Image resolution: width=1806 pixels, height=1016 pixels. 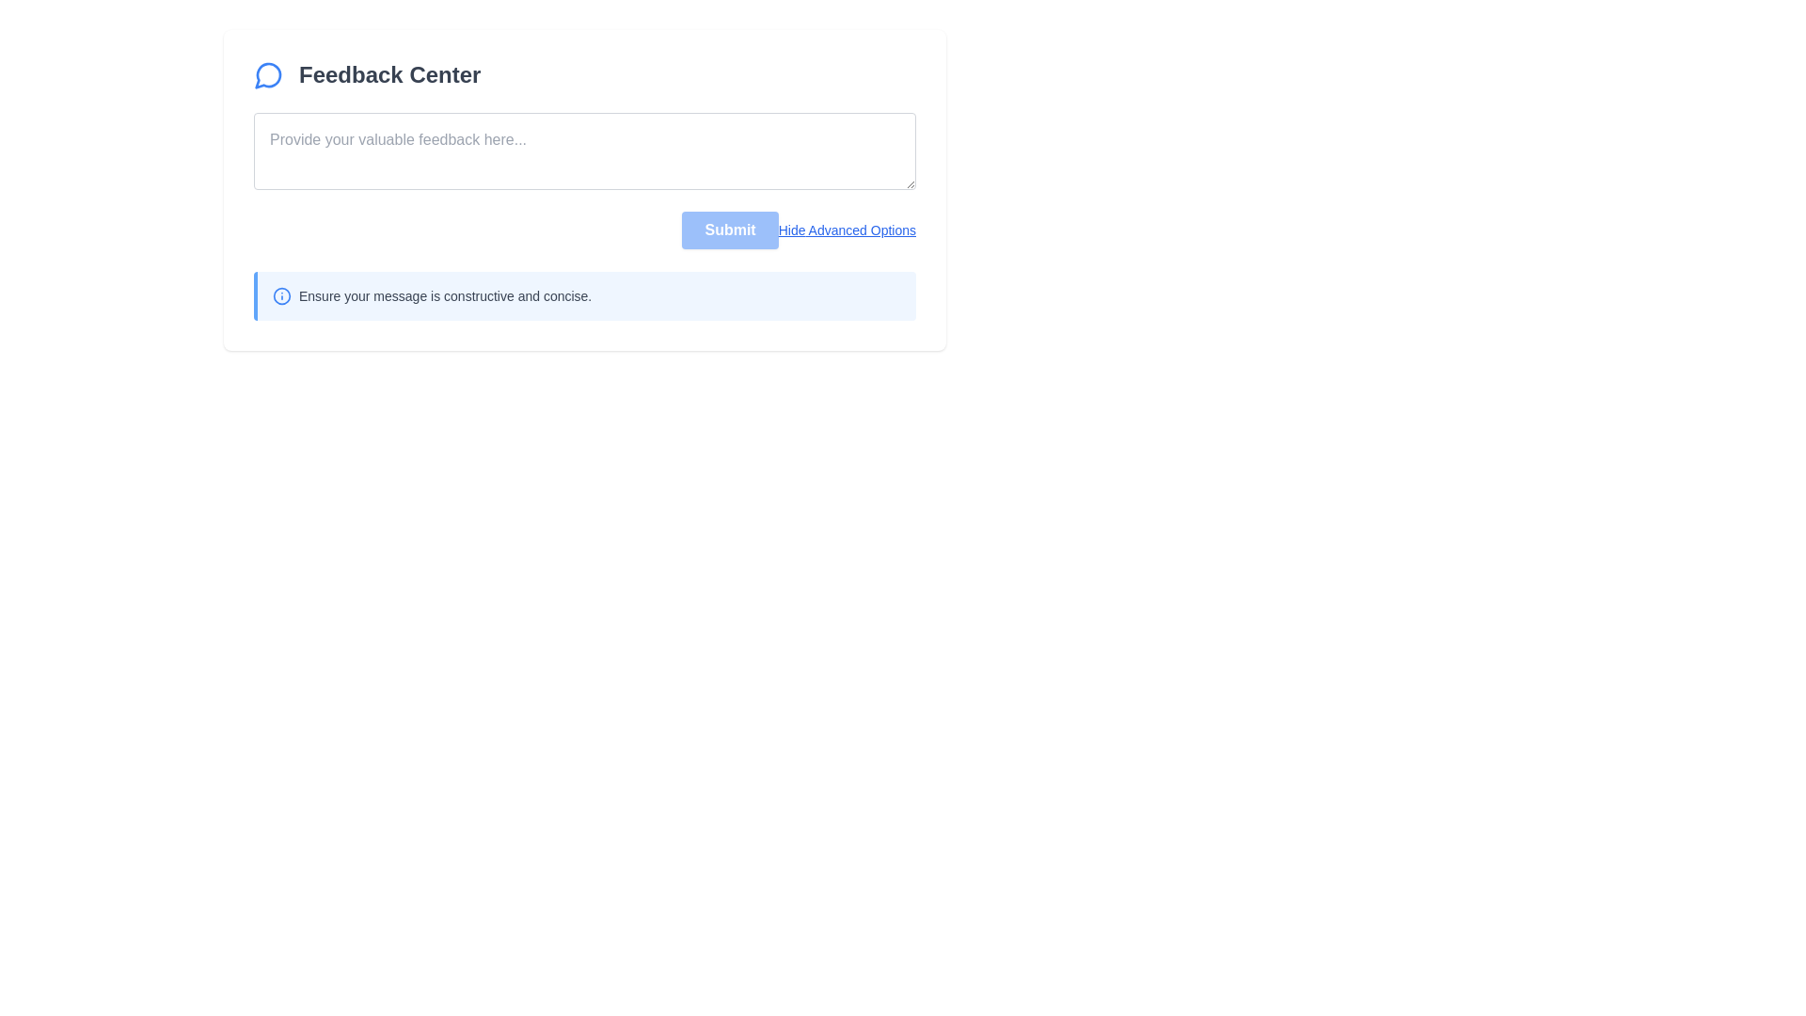 I want to click on the link that toggles the visibility of advanced options, located to the right of the 'Submit' button in the bottom-right corner of the Feedback Center form, so click(x=846, y=230).